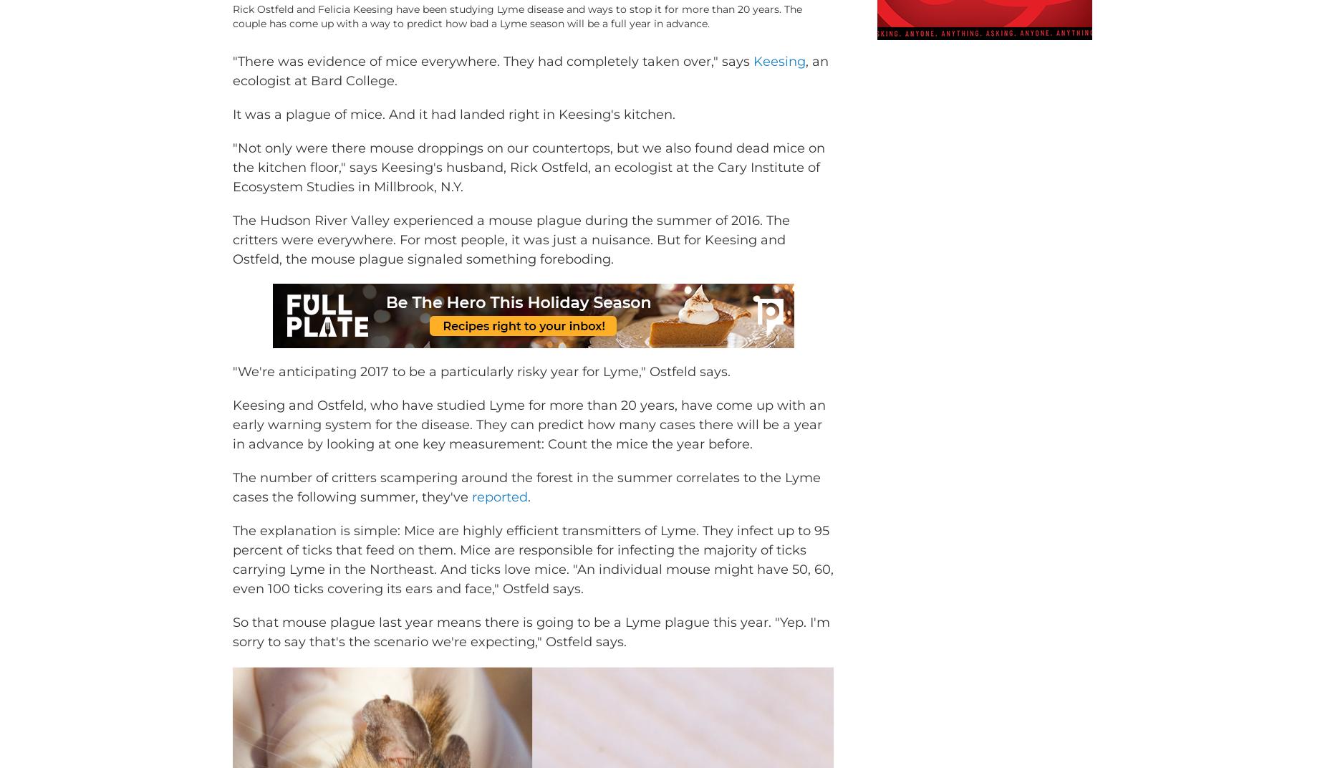  Describe the element at coordinates (317, 8) in the screenshot. I see `'/ Stephen Reiss for NPR'` at that location.